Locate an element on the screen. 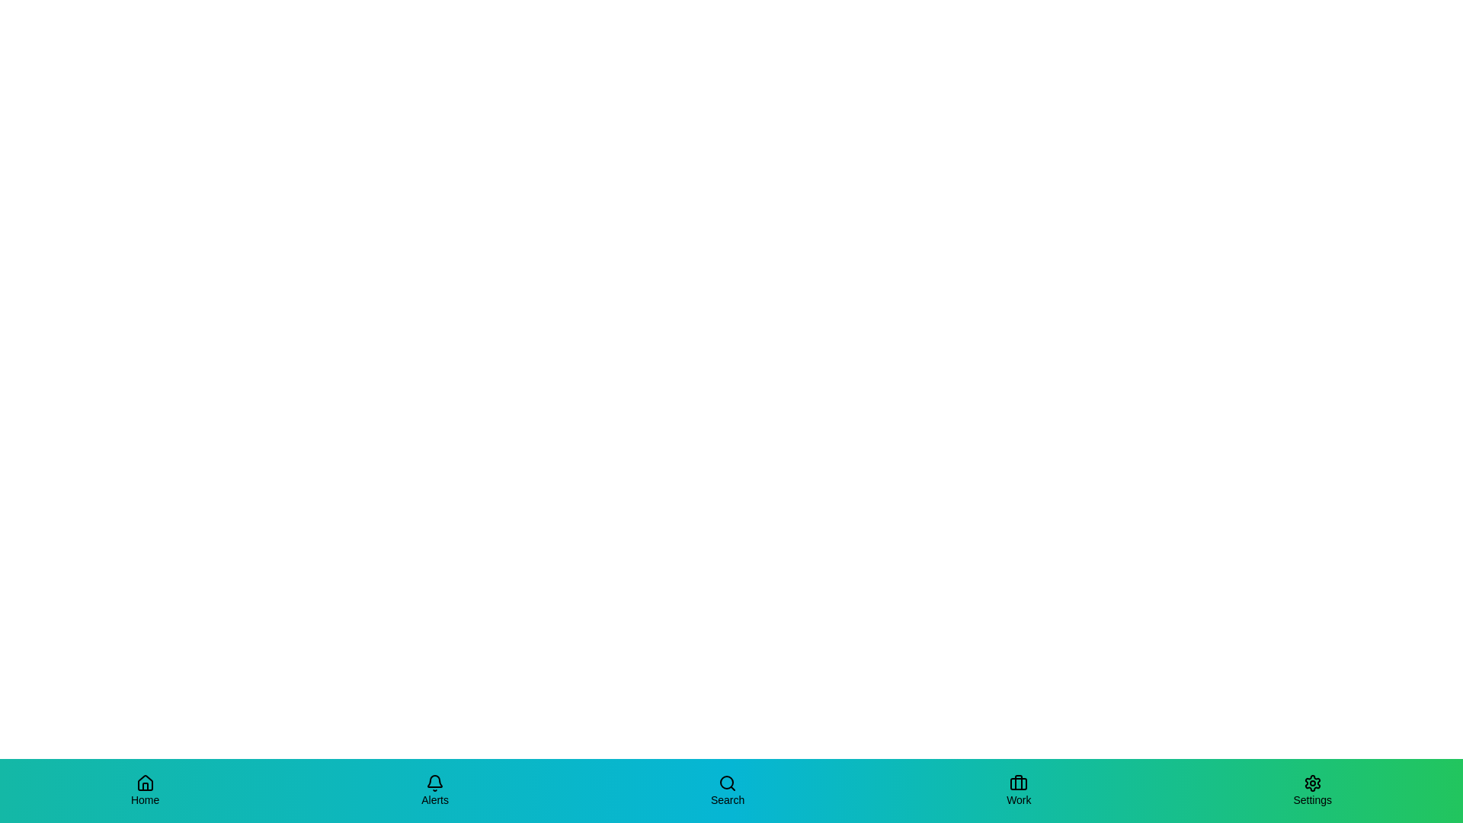 The height and width of the screenshot is (823, 1463). the Alerts tab to observe the scale effect is located at coordinates (434, 789).